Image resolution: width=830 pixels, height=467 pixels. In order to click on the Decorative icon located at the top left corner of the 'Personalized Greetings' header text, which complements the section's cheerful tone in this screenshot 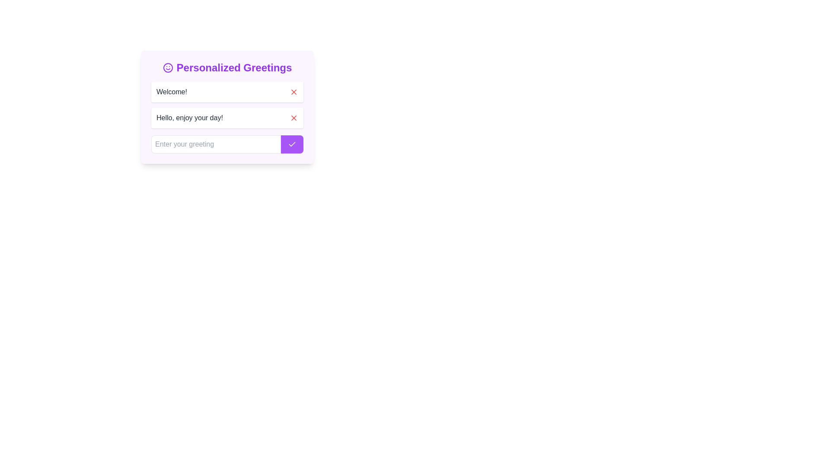, I will do `click(168, 67)`.